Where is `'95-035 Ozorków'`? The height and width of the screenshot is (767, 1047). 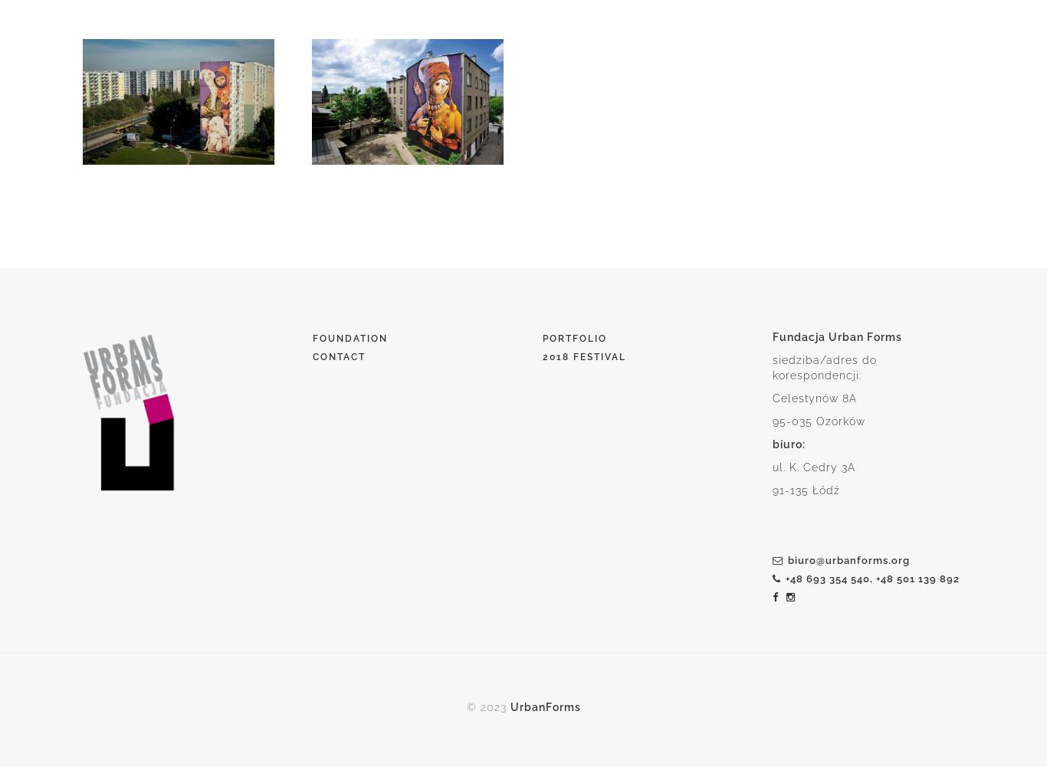
'95-035 Ozorków' is located at coordinates (818, 421).